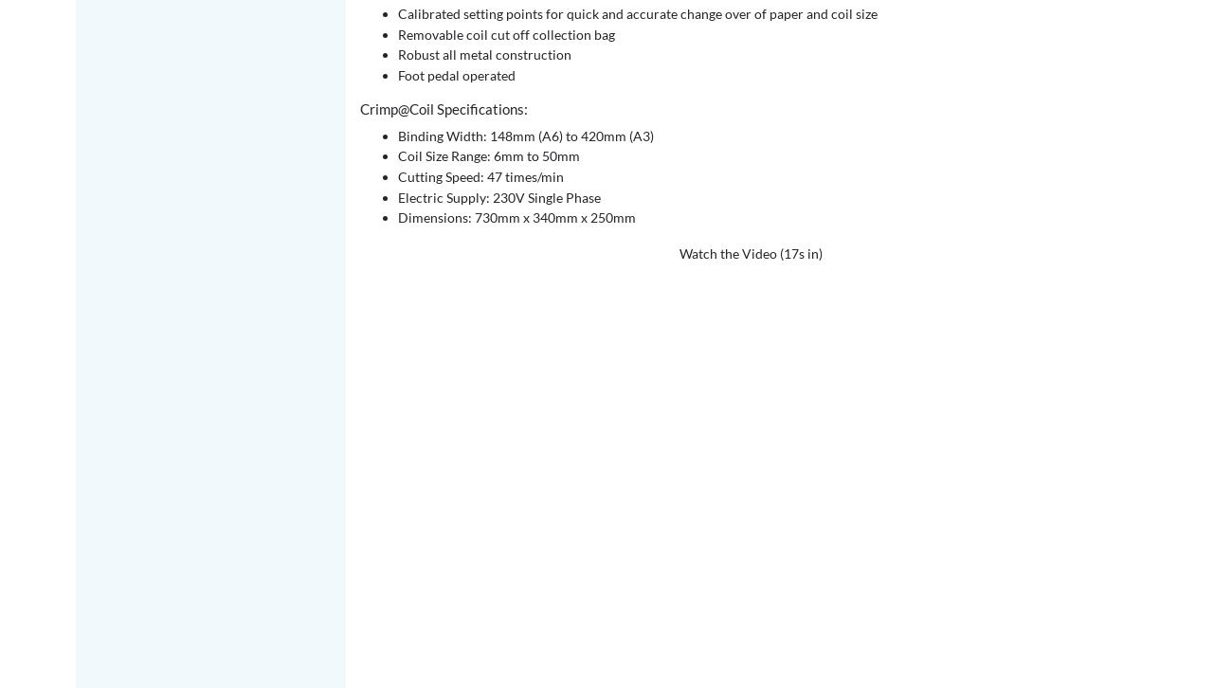 This screenshot has height=688, width=1232. I want to click on 'Cutting Speed: 47 times/min', so click(480, 175).